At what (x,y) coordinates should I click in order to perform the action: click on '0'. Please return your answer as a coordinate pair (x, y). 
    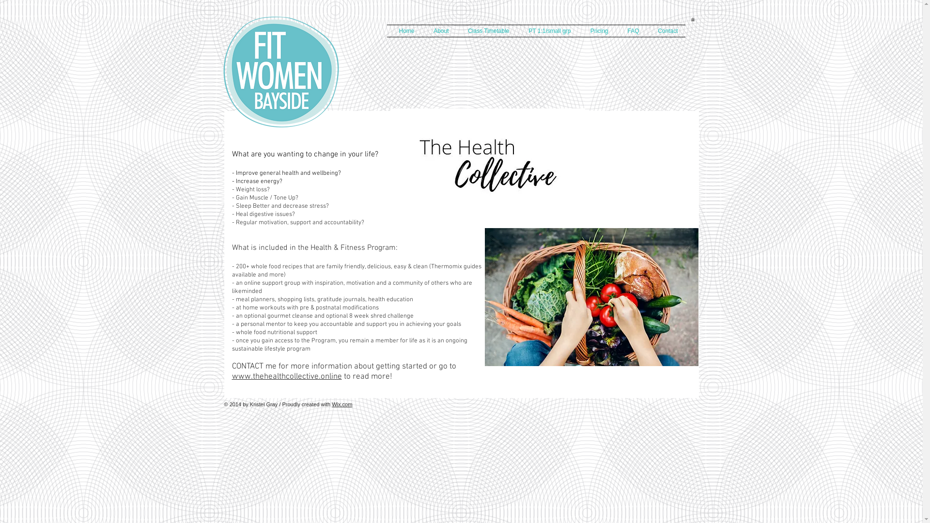
    Looking at the image, I should click on (692, 19).